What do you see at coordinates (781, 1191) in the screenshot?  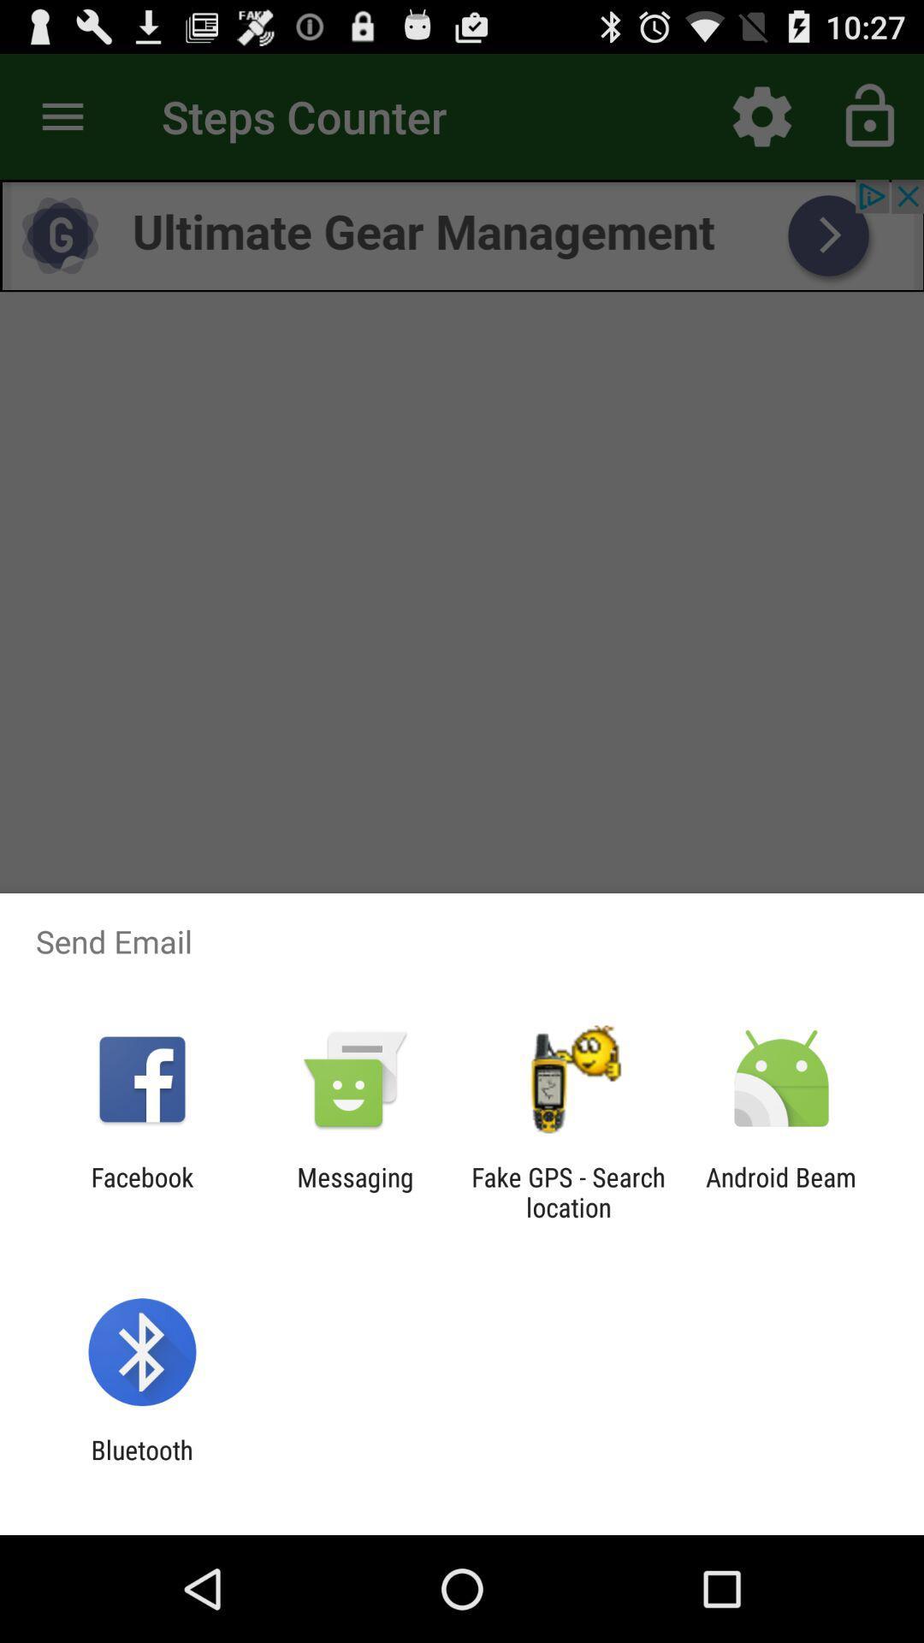 I see `item to the right of the fake gps search item` at bounding box center [781, 1191].